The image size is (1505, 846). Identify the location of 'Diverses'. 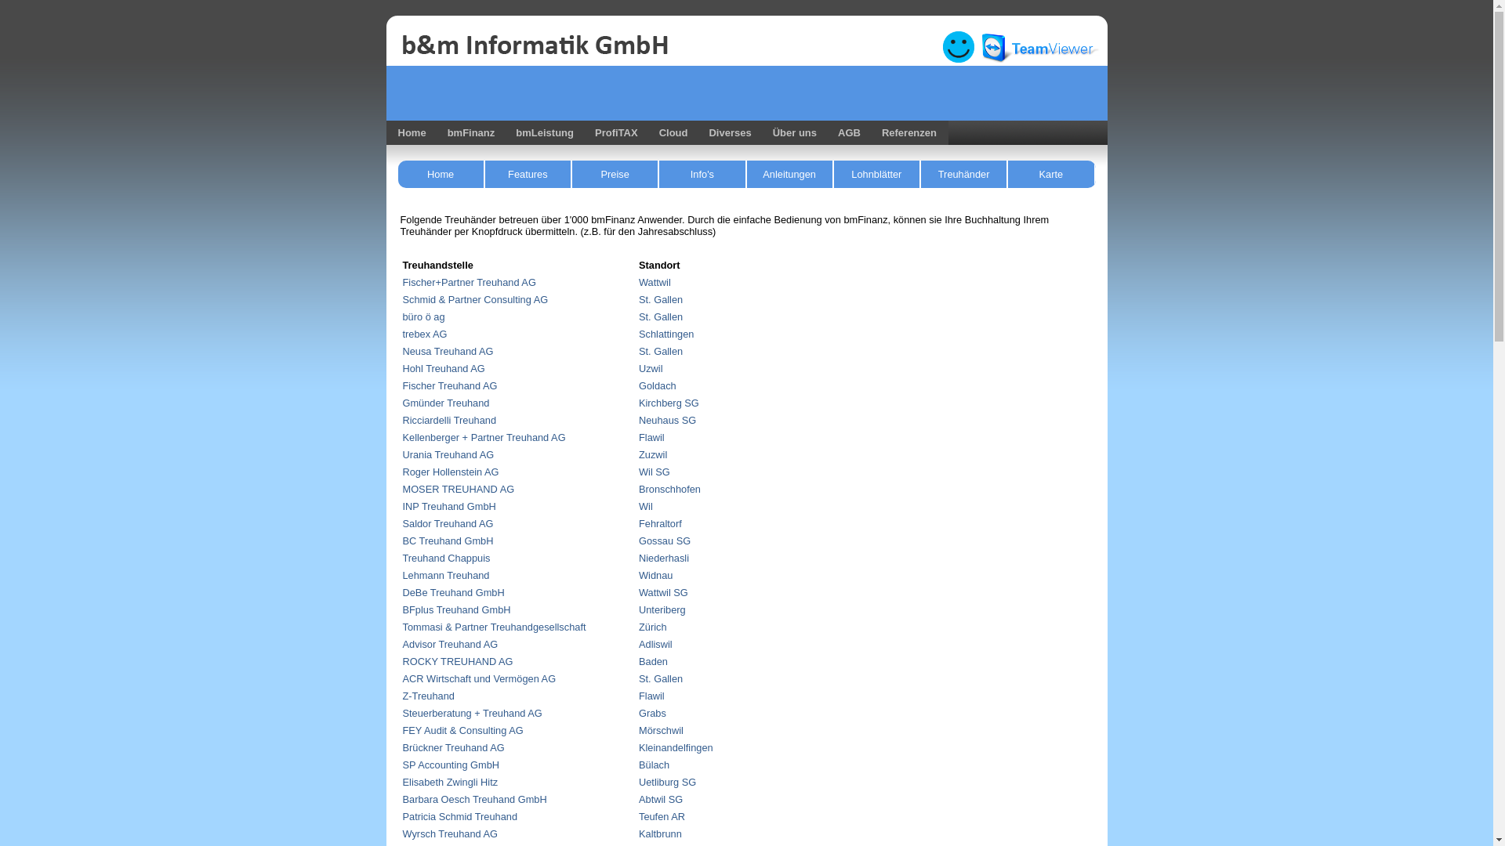
(729, 132).